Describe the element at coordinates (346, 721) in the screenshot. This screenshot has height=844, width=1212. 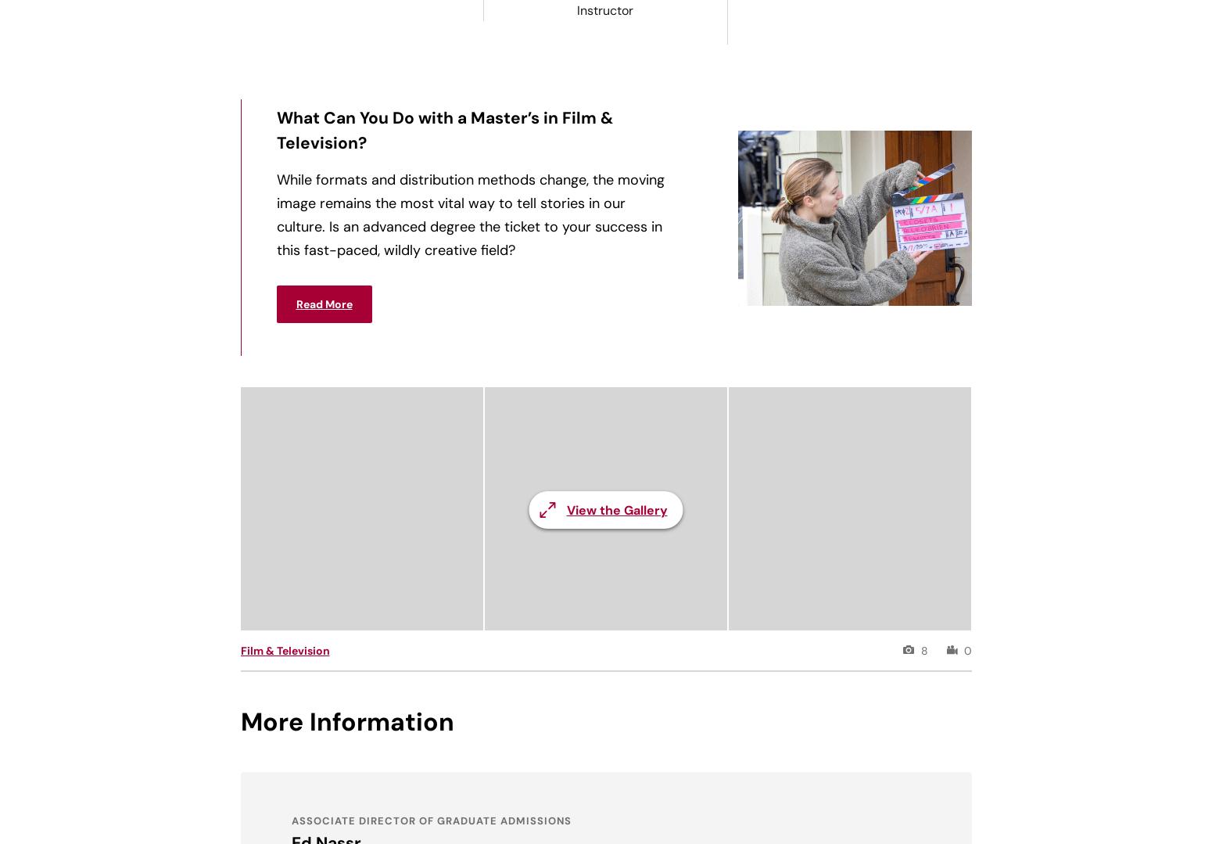
I see `'More Information'` at that location.